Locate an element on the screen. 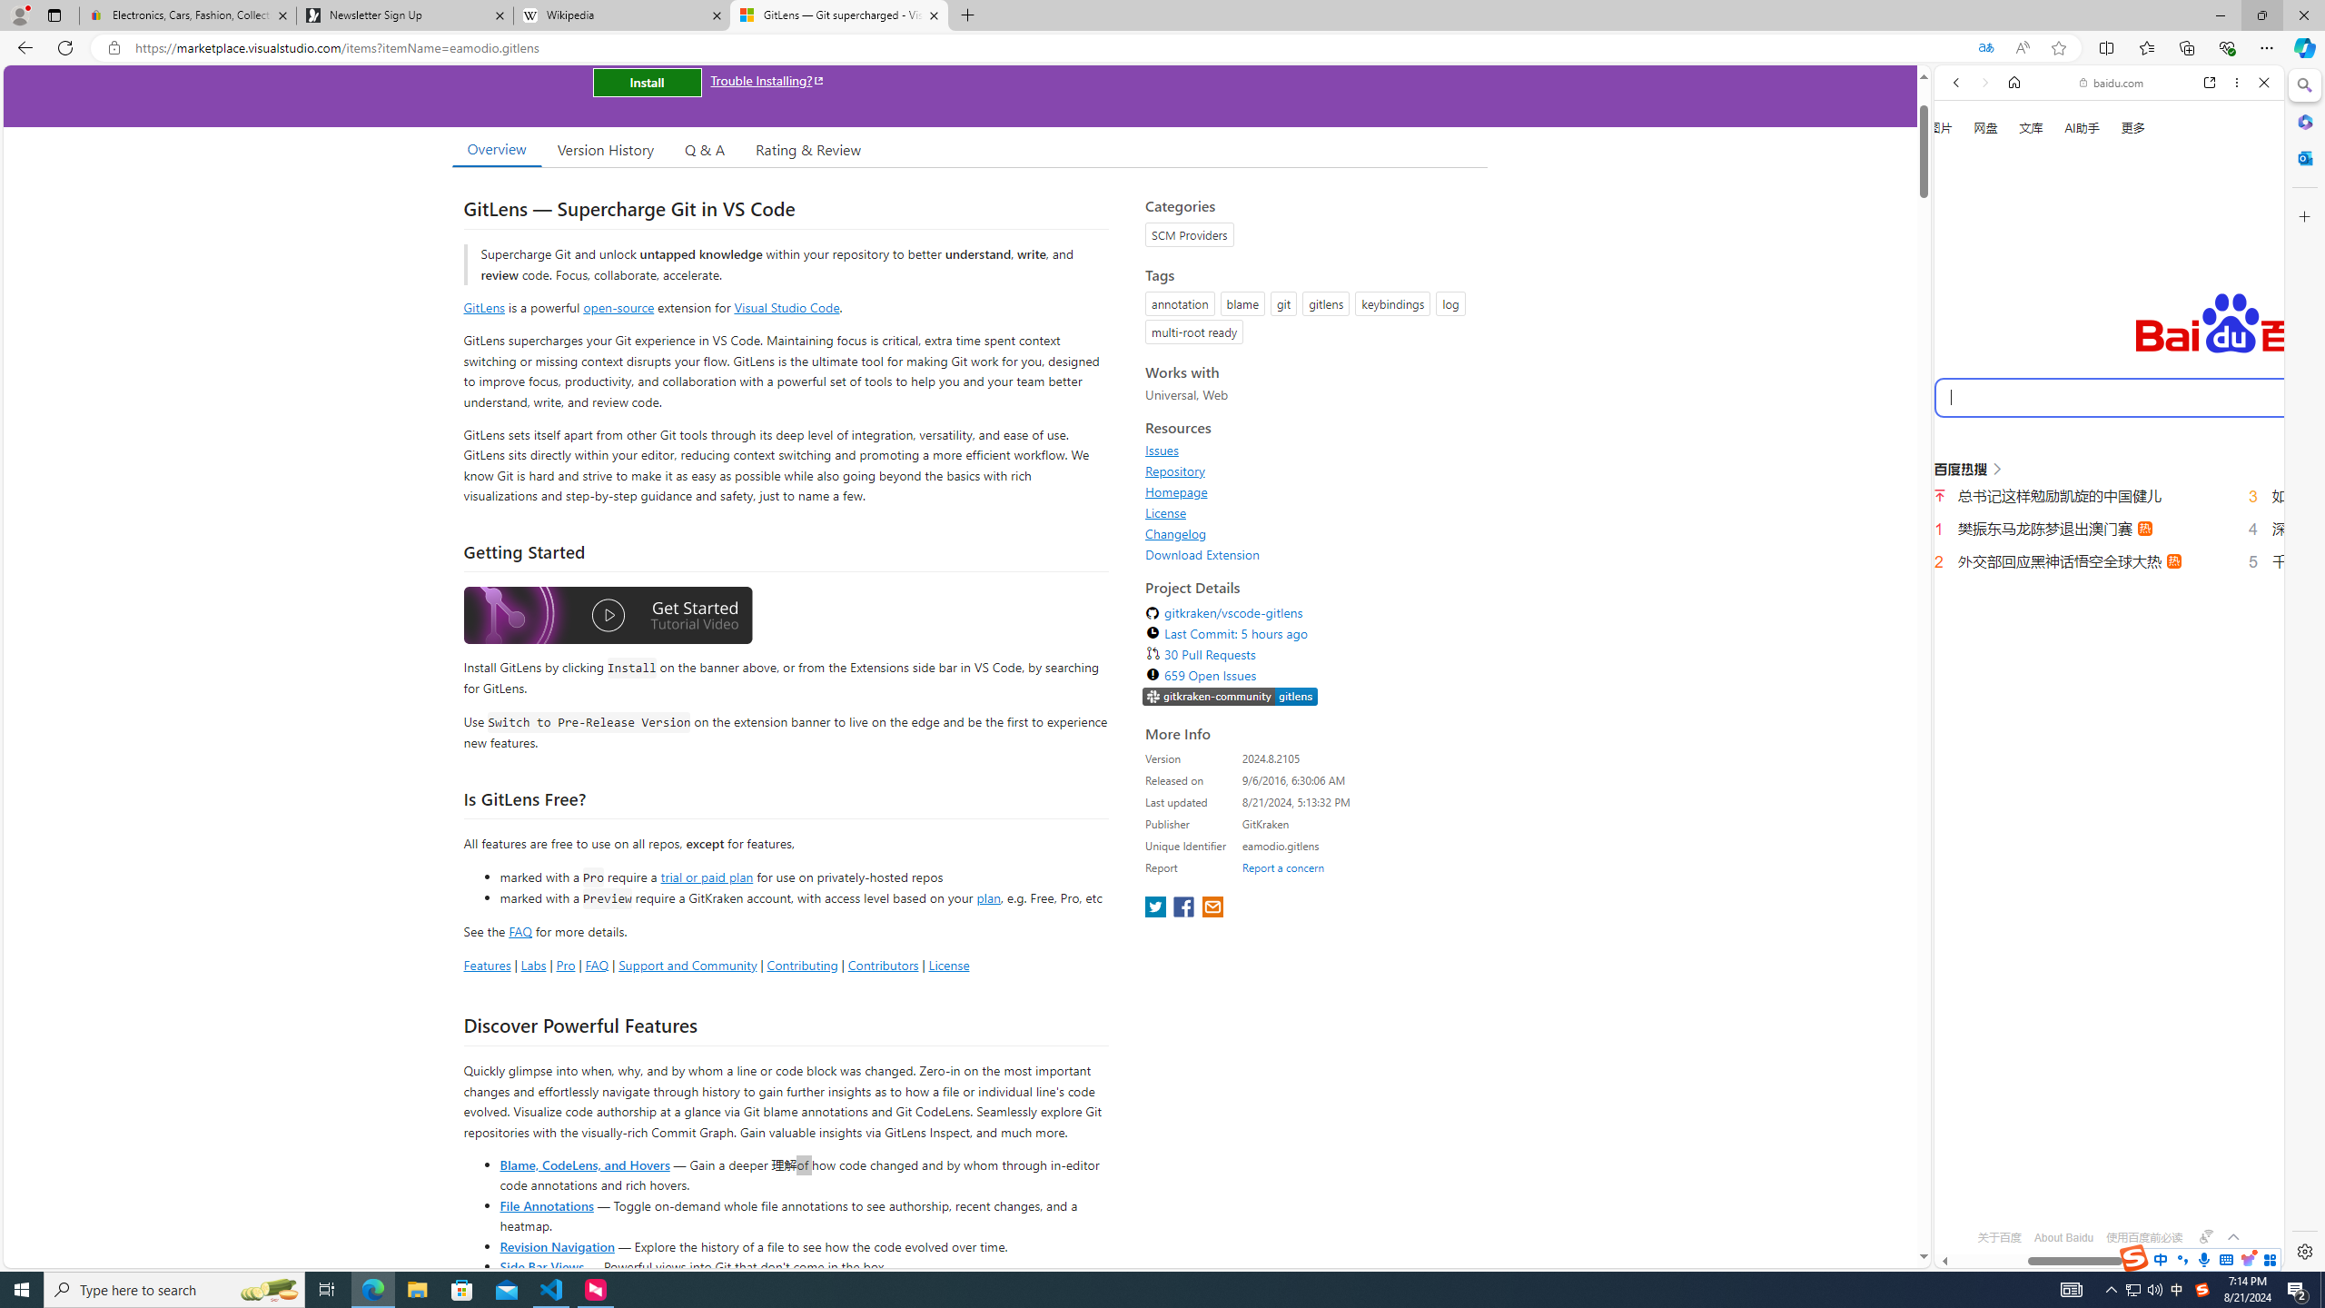 The height and width of the screenshot is (1308, 2325). 'OFTV' is located at coordinates (2102, 1186).